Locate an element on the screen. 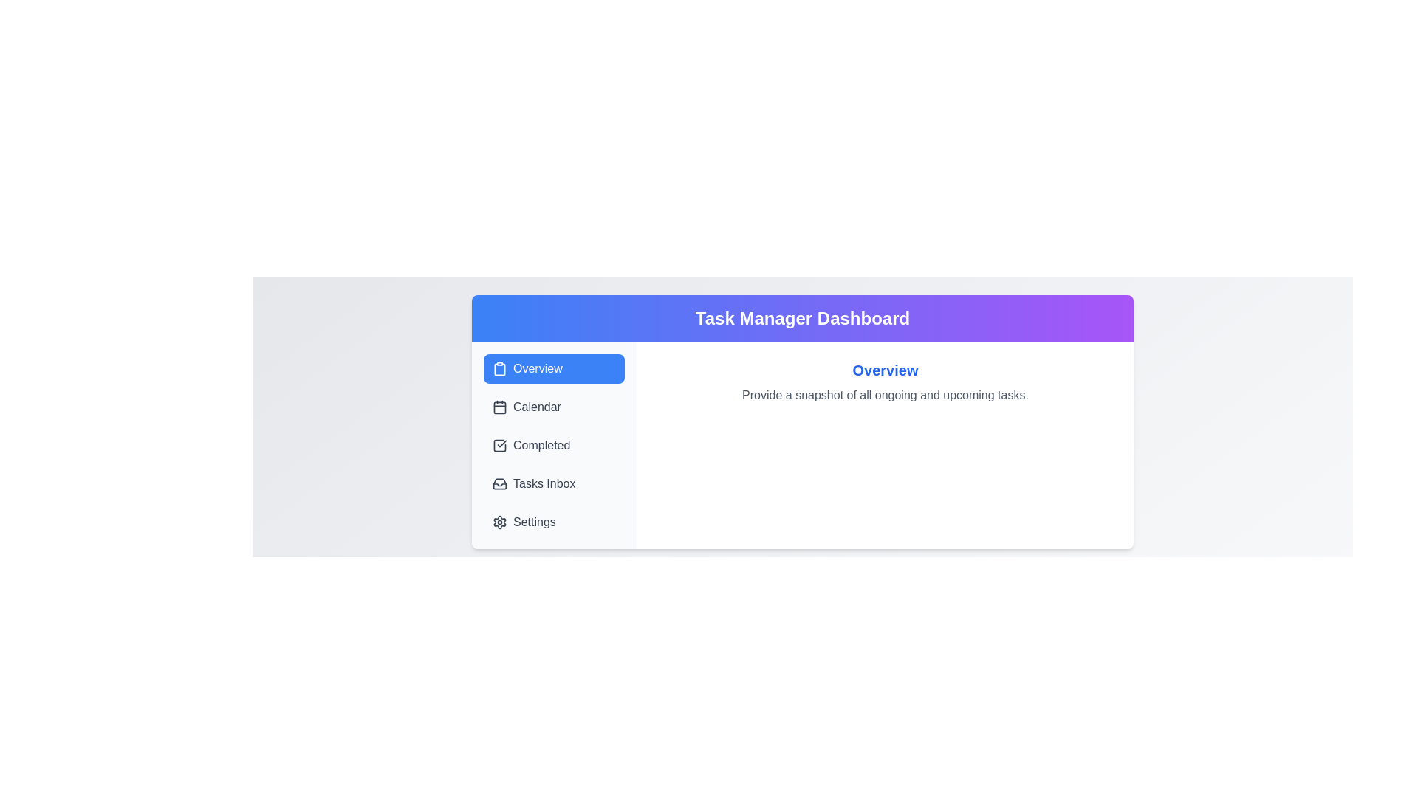 The width and height of the screenshot is (1418, 797). the tab labeled Tasks Inbox is located at coordinates (553, 483).